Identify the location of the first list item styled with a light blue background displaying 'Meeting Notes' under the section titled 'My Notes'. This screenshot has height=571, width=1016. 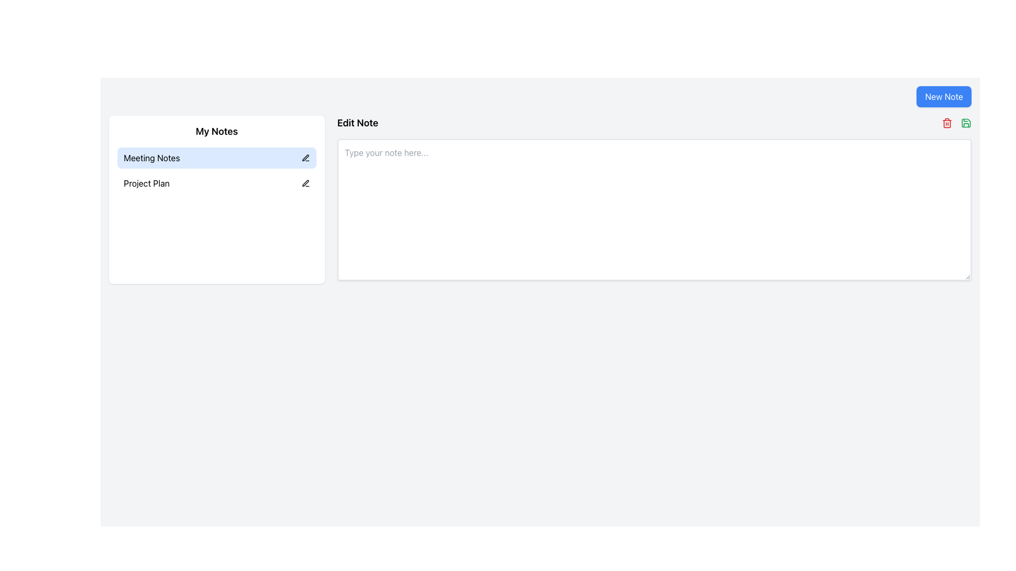
(216, 170).